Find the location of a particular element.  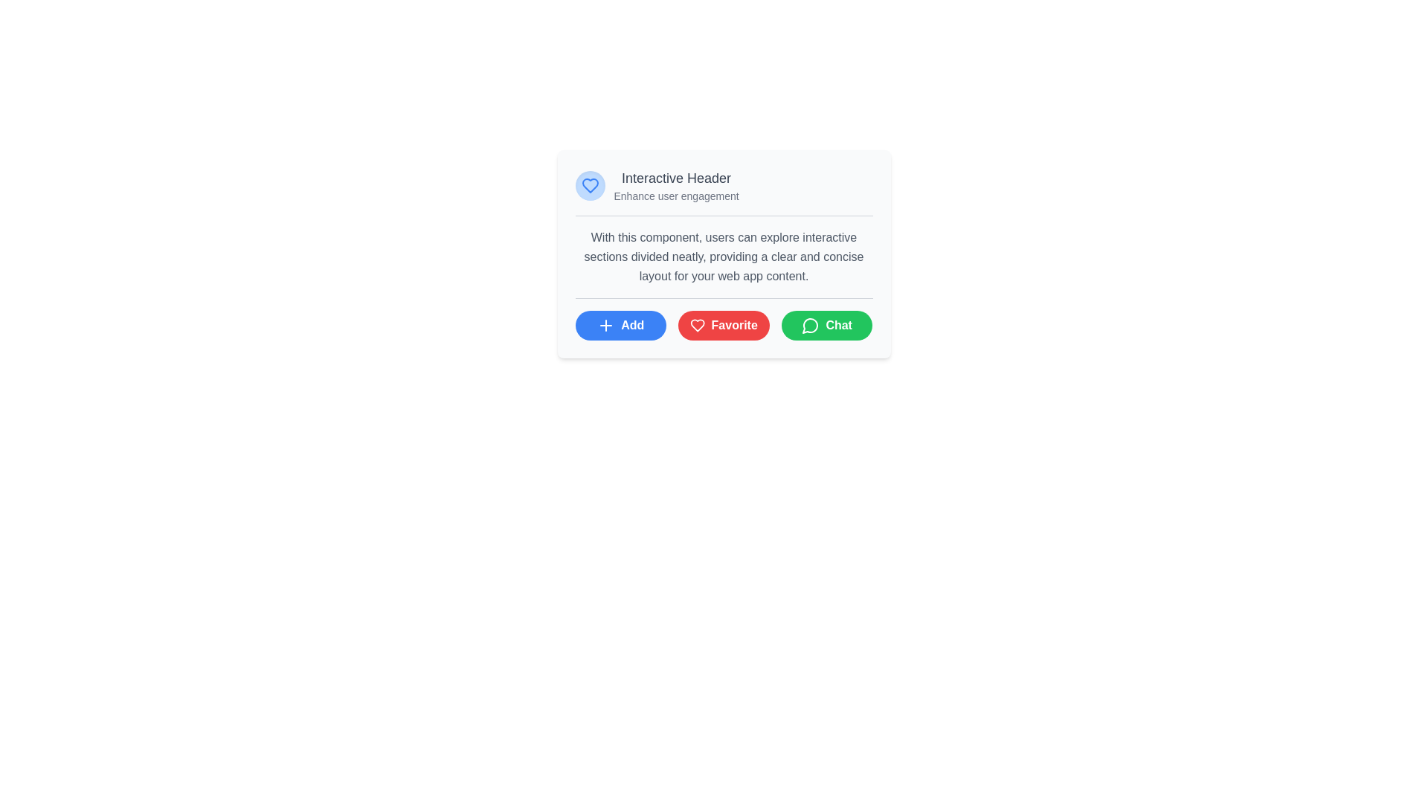

the favorite icon located between the blue 'Add' button and the green 'Chat' button is located at coordinates (697, 325).